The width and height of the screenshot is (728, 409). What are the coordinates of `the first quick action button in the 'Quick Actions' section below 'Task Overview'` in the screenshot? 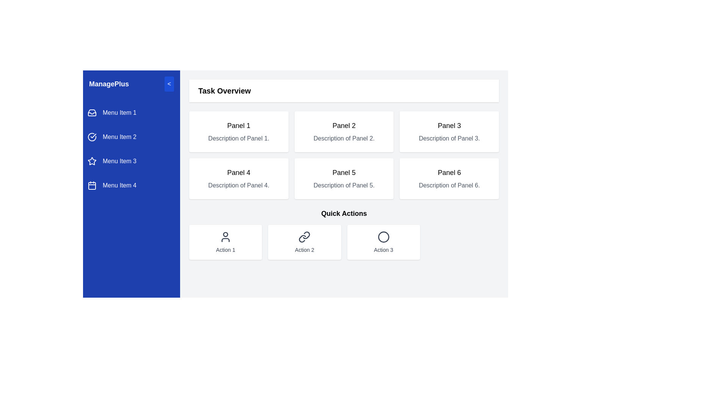 It's located at (225, 242).